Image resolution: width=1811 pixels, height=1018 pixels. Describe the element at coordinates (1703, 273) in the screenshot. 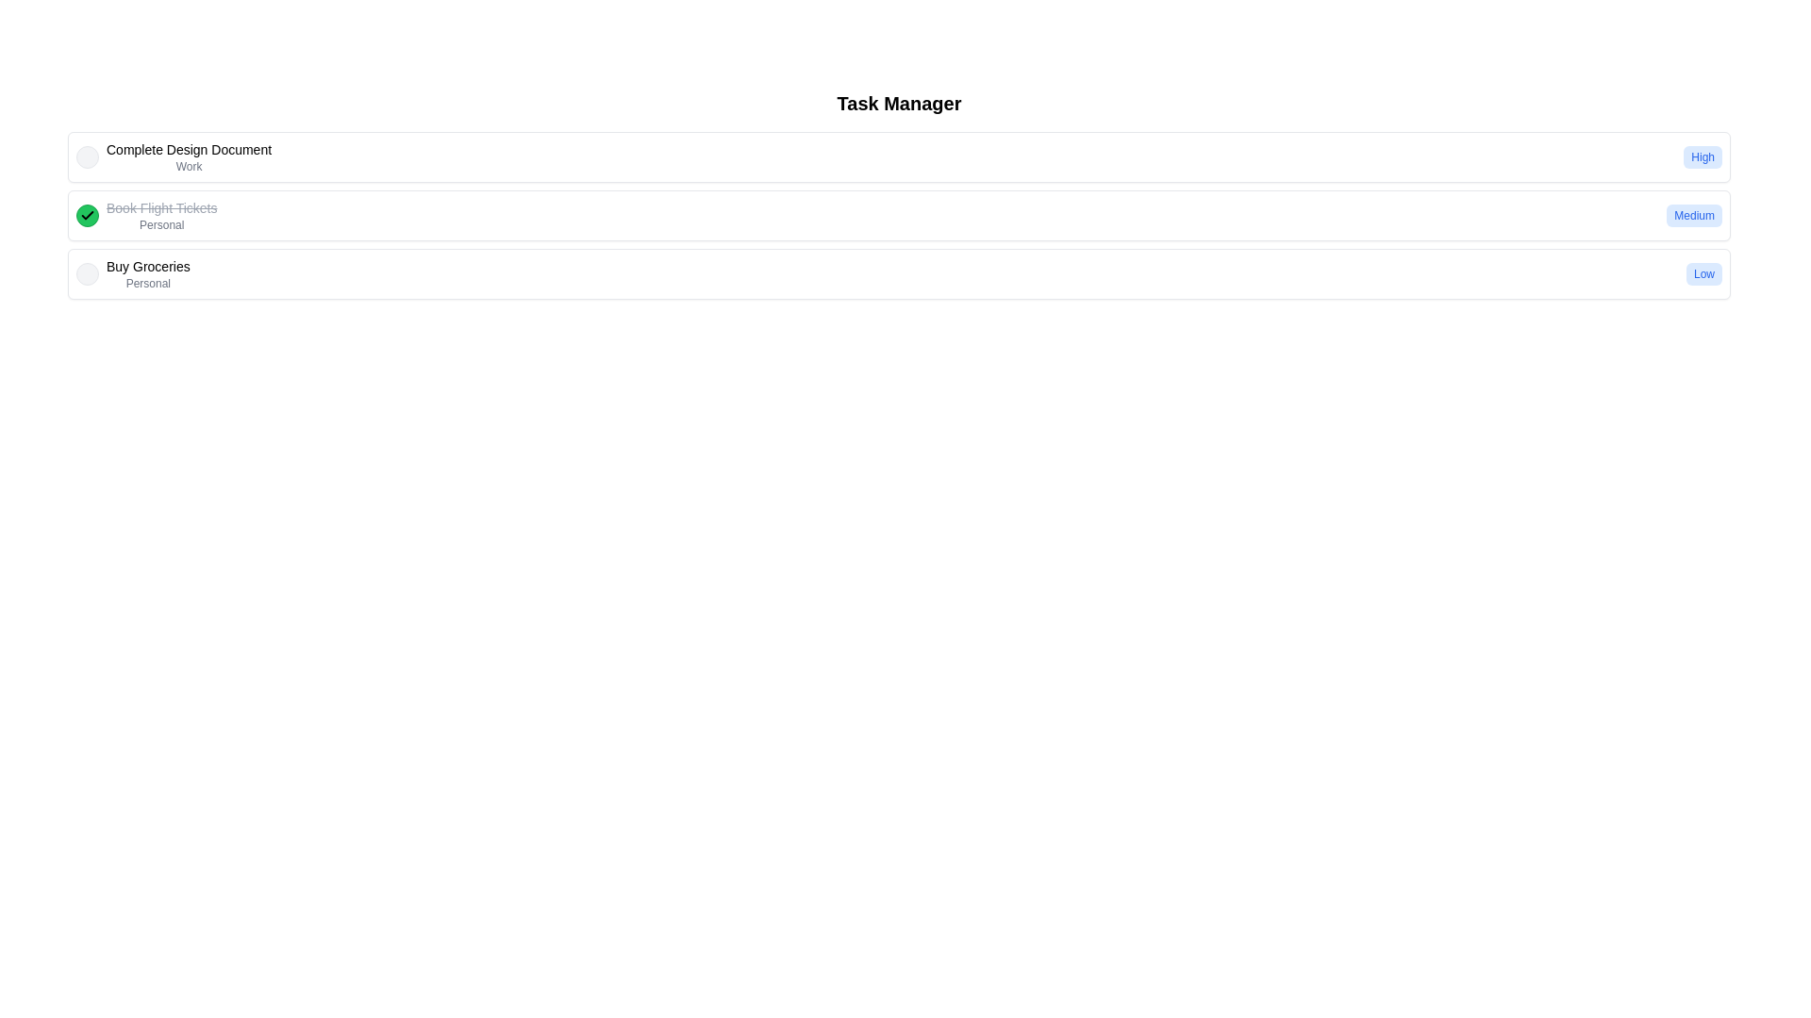

I see `the 'Low' priority label for the 'Buy Groceries' task, located at the far right end of its row adjacent to the 'Personal' category` at that location.